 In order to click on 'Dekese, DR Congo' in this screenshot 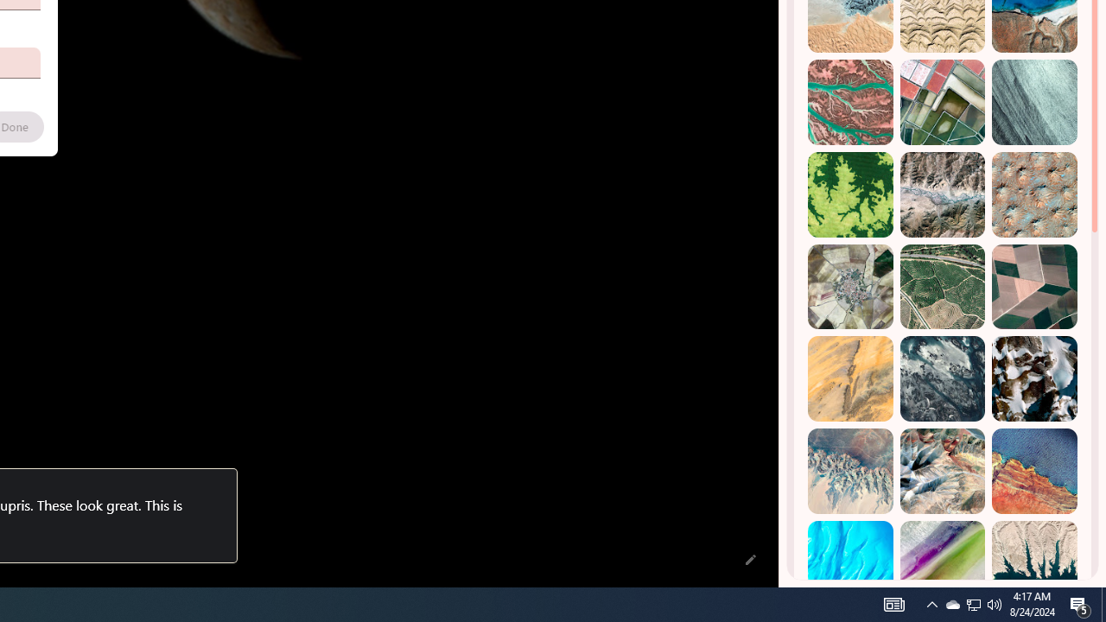, I will do `click(850, 194)`.